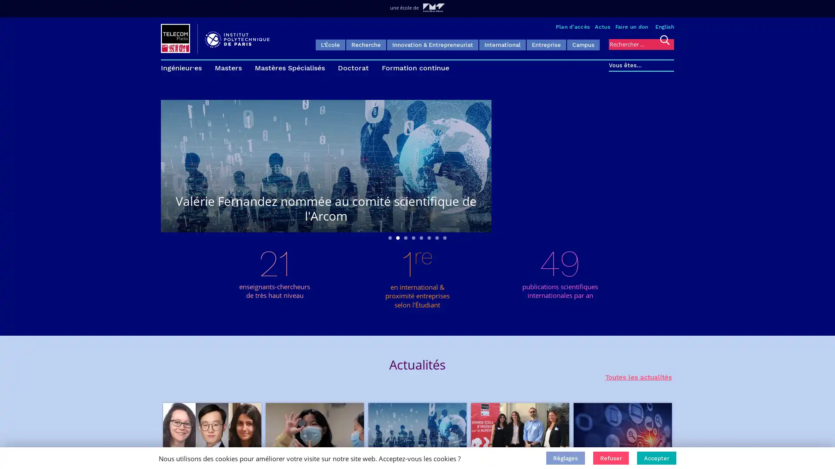  I want to click on Reglages, so click(565, 457).